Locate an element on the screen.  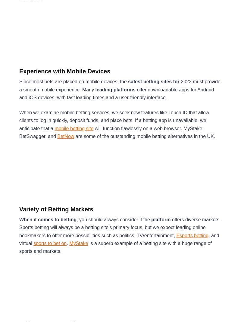
', and virtual' is located at coordinates (119, 239).